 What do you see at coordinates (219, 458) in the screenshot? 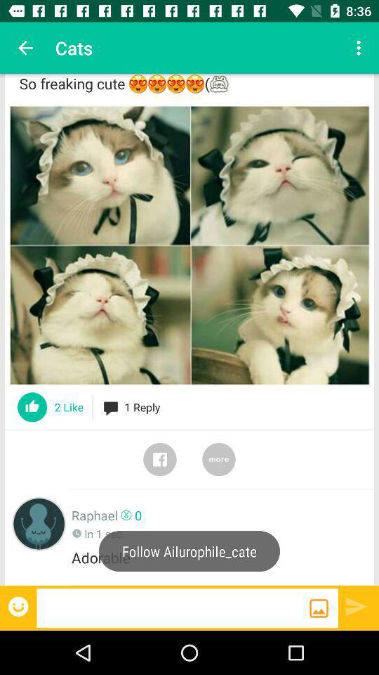
I see `more switch` at bounding box center [219, 458].